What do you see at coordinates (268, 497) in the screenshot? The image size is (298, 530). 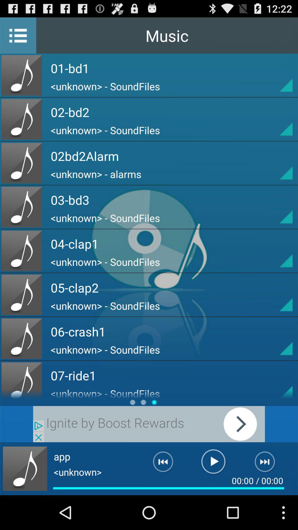 I see `the skip_next icon` at bounding box center [268, 497].